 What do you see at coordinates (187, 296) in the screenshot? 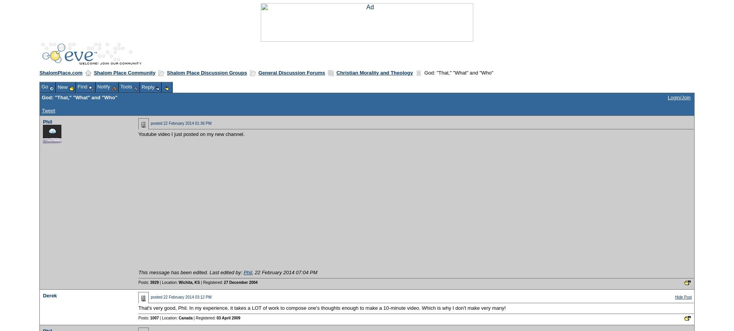
I see `'22 February 2014 03:12 PM'` at bounding box center [187, 296].